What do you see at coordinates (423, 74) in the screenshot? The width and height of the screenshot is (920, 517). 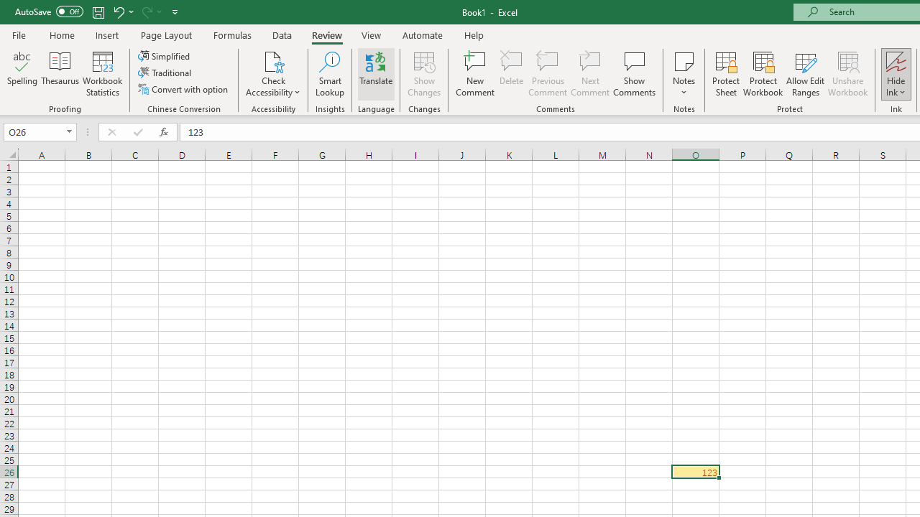 I see `'Show Changes'` at bounding box center [423, 74].